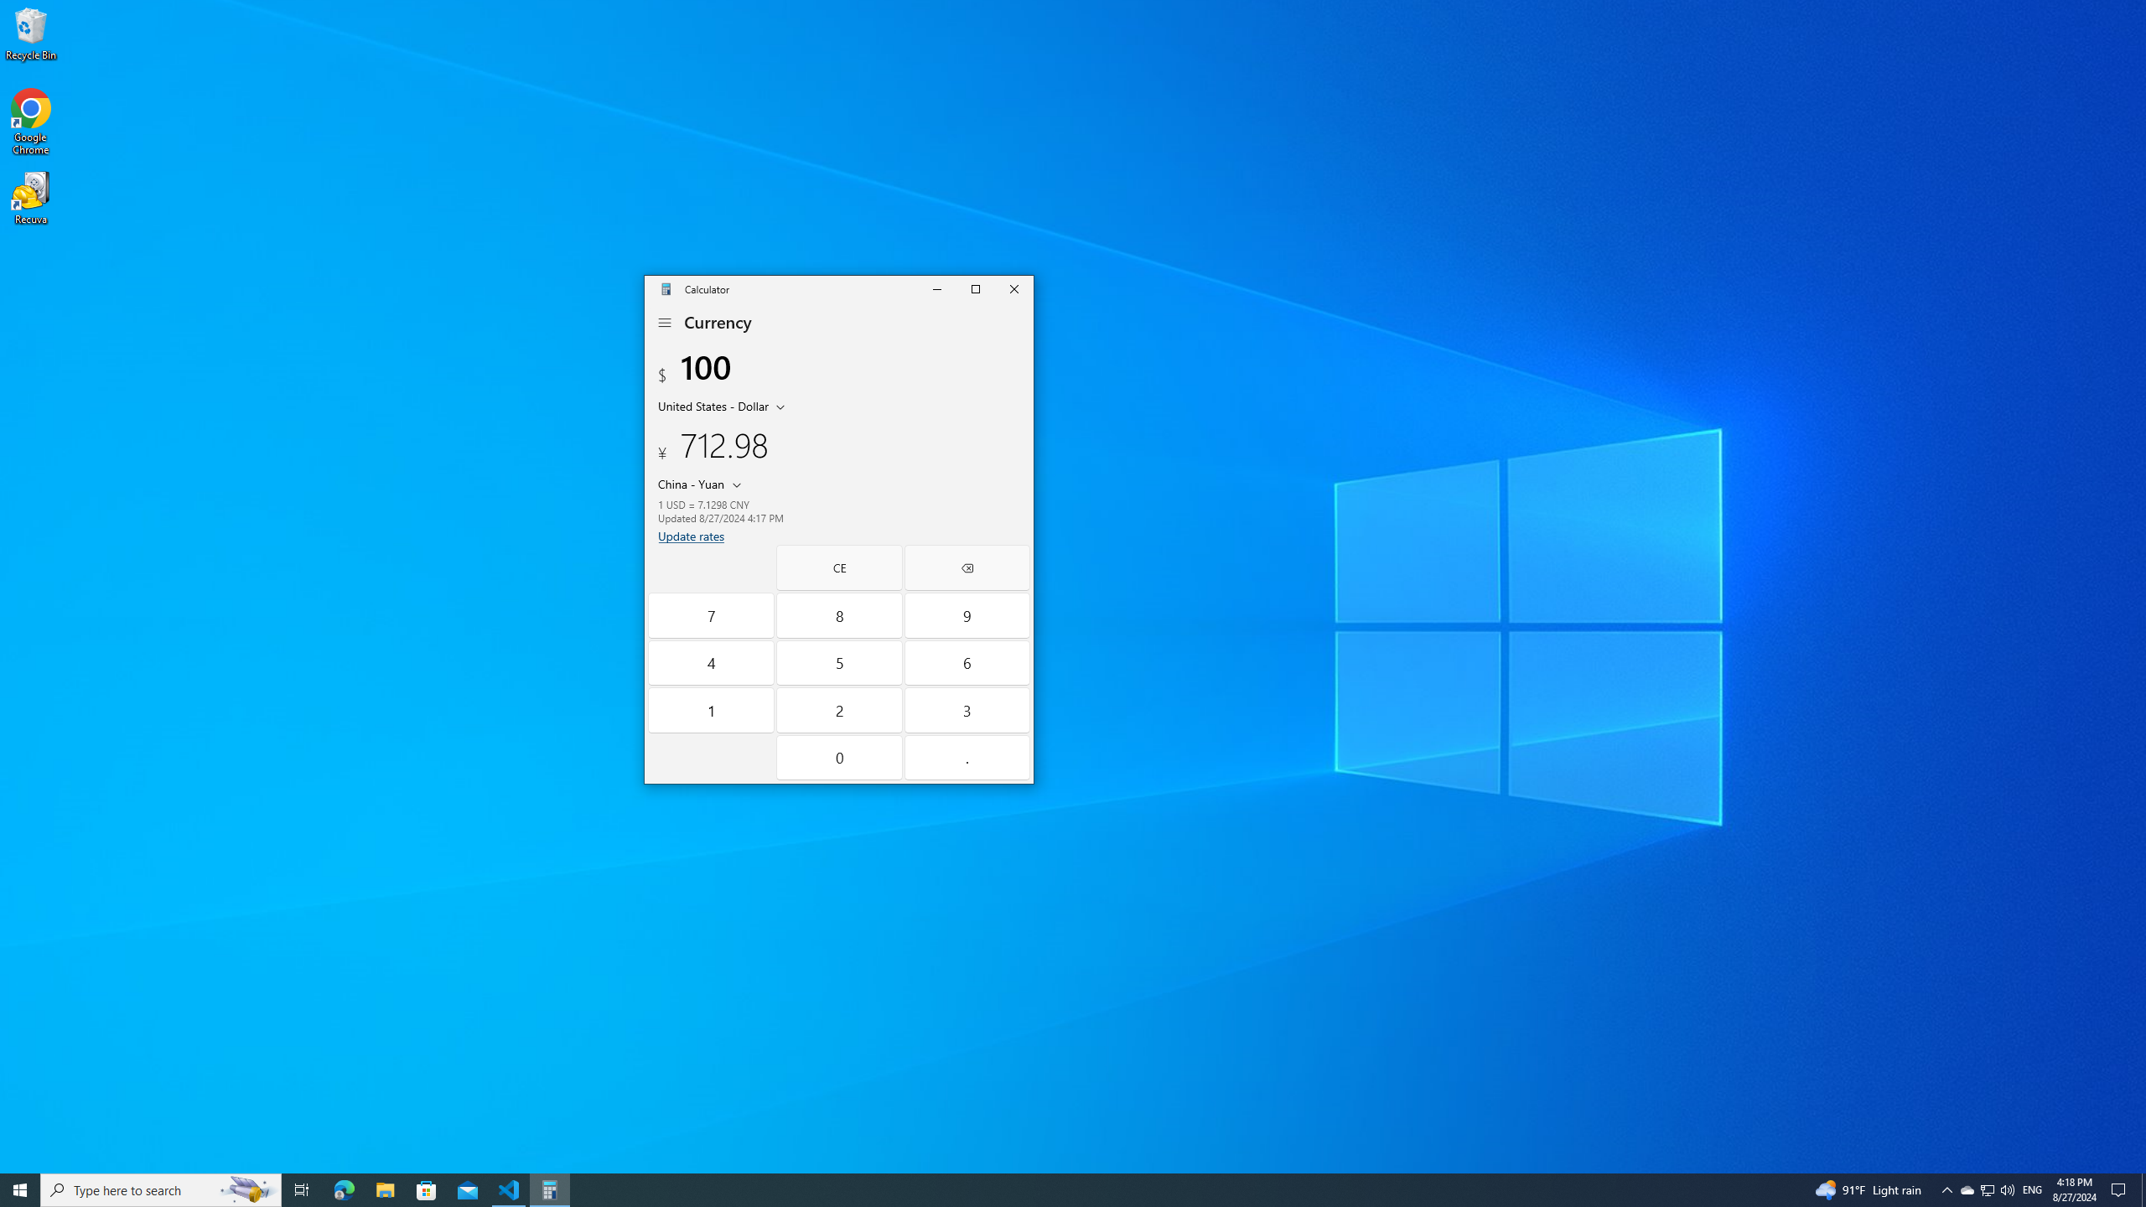  I want to click on 'Running applications', so click(1041, 1189).